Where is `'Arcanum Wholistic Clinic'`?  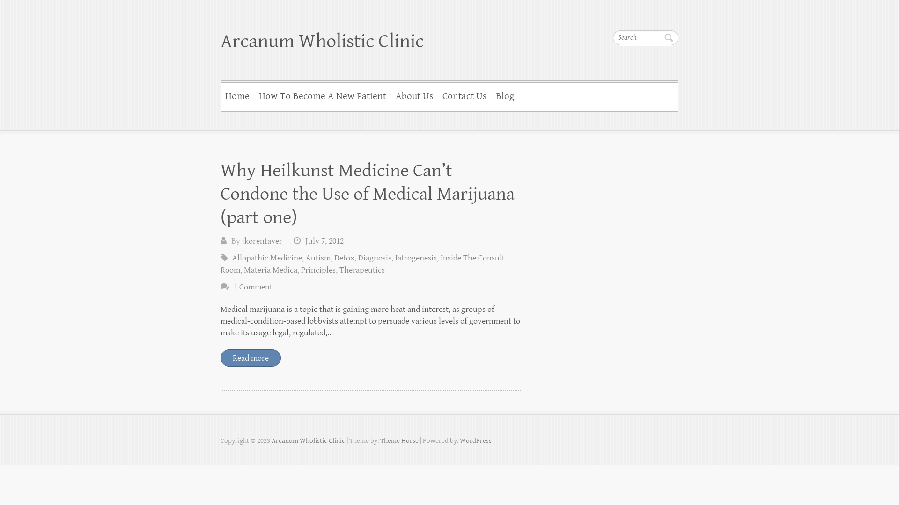 'Arcanum Wholistic Clinic' is located at coordinates (322, 41).